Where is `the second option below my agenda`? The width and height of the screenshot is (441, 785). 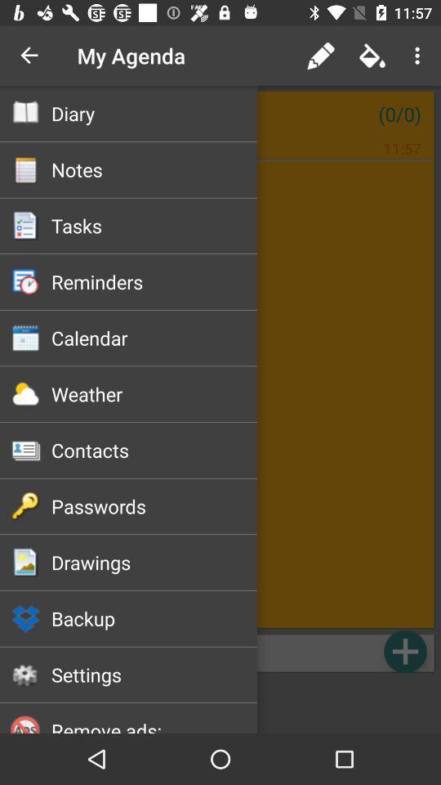 the second option below my agenda is located at coordinates (25, 170).